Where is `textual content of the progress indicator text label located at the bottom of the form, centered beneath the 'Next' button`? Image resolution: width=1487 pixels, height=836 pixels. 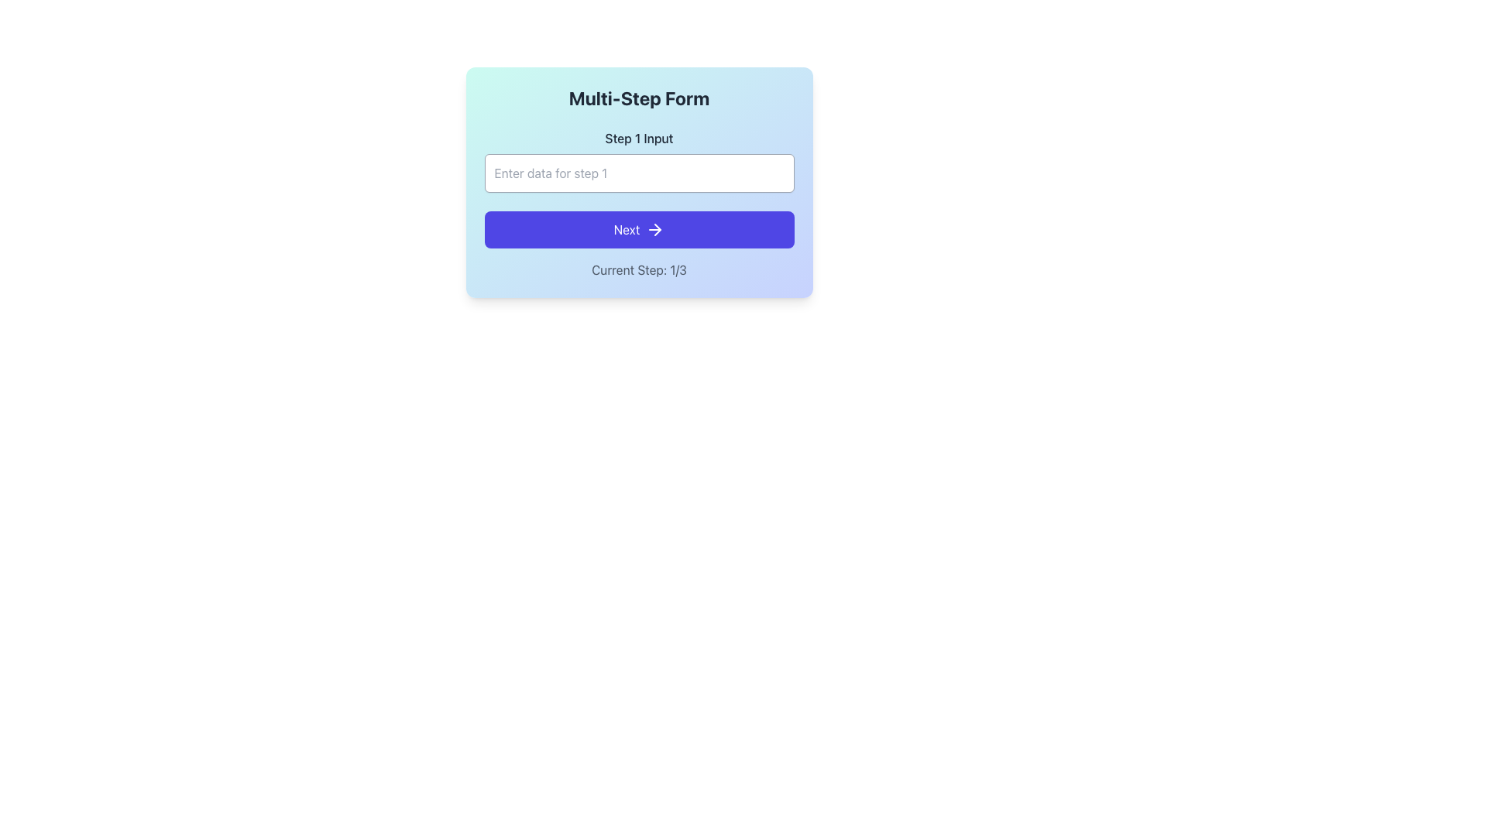
textual content of the progress indicator text label located at the bottom of the form, centered beneath the 'Next' button is located at coordinates (639, 269).